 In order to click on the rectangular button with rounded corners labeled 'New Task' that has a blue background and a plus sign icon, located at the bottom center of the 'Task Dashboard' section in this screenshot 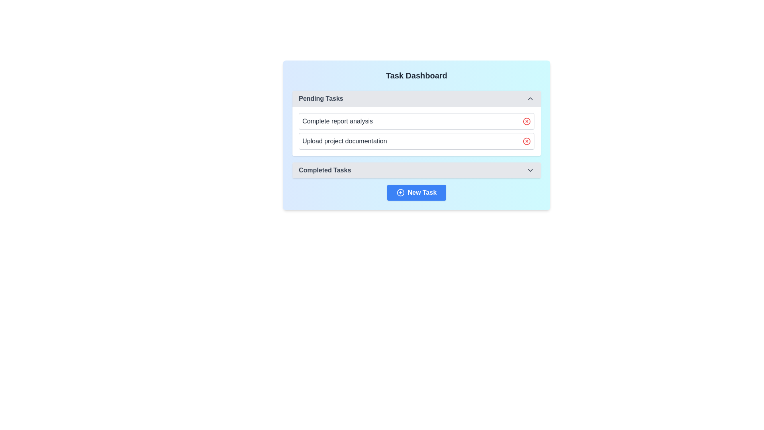, I will do `click(416, 192)`.